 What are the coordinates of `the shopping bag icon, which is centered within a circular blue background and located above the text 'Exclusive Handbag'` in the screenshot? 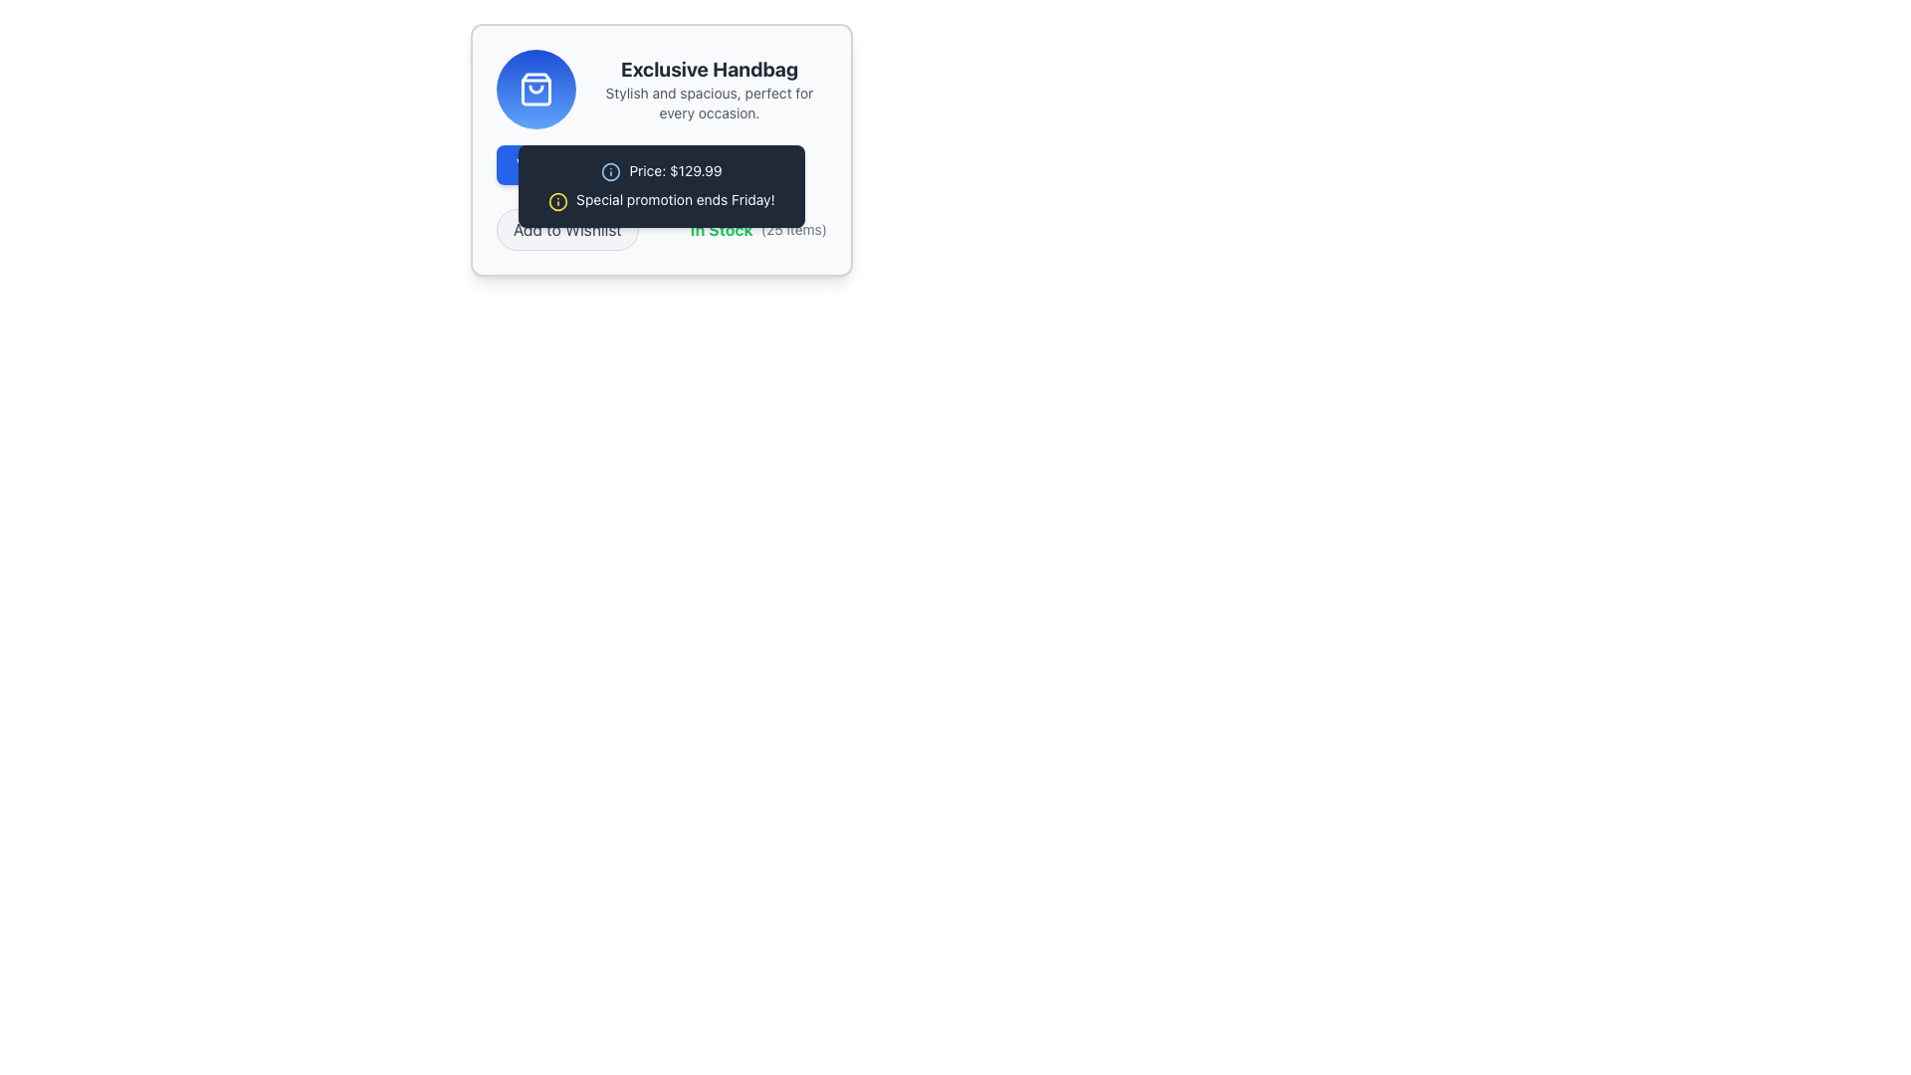 It's located at (535, 88).